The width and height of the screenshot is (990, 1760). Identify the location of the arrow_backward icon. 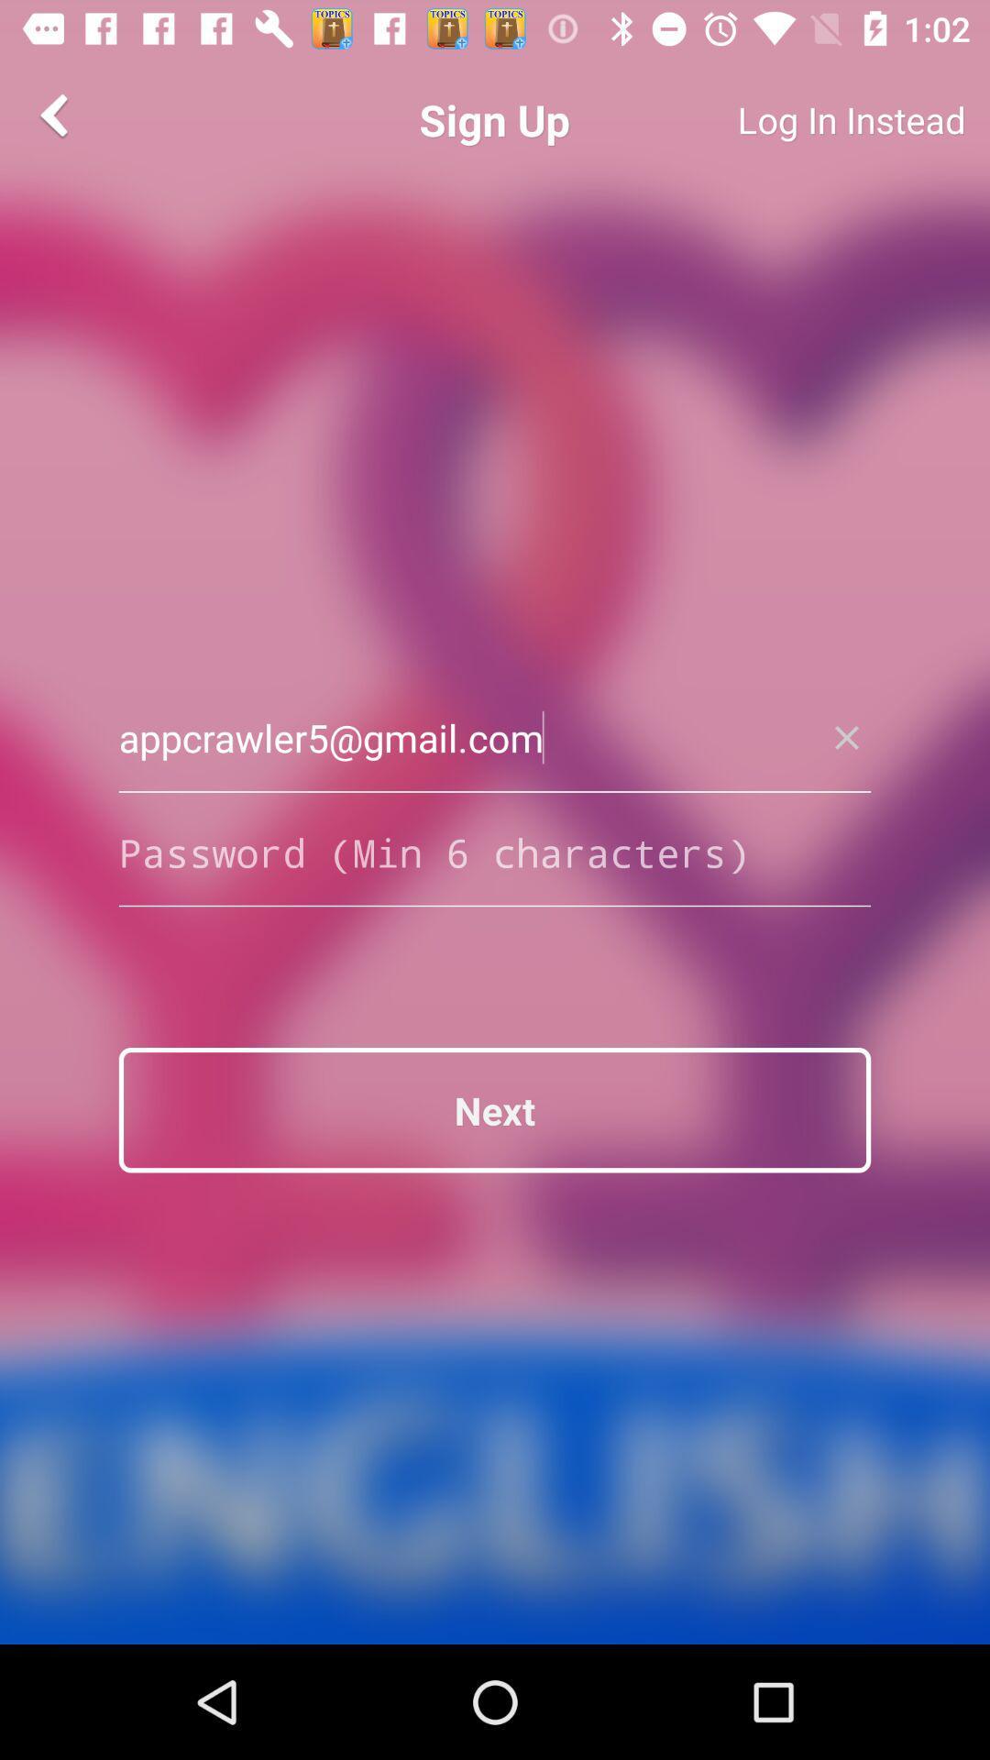
(56, 114).